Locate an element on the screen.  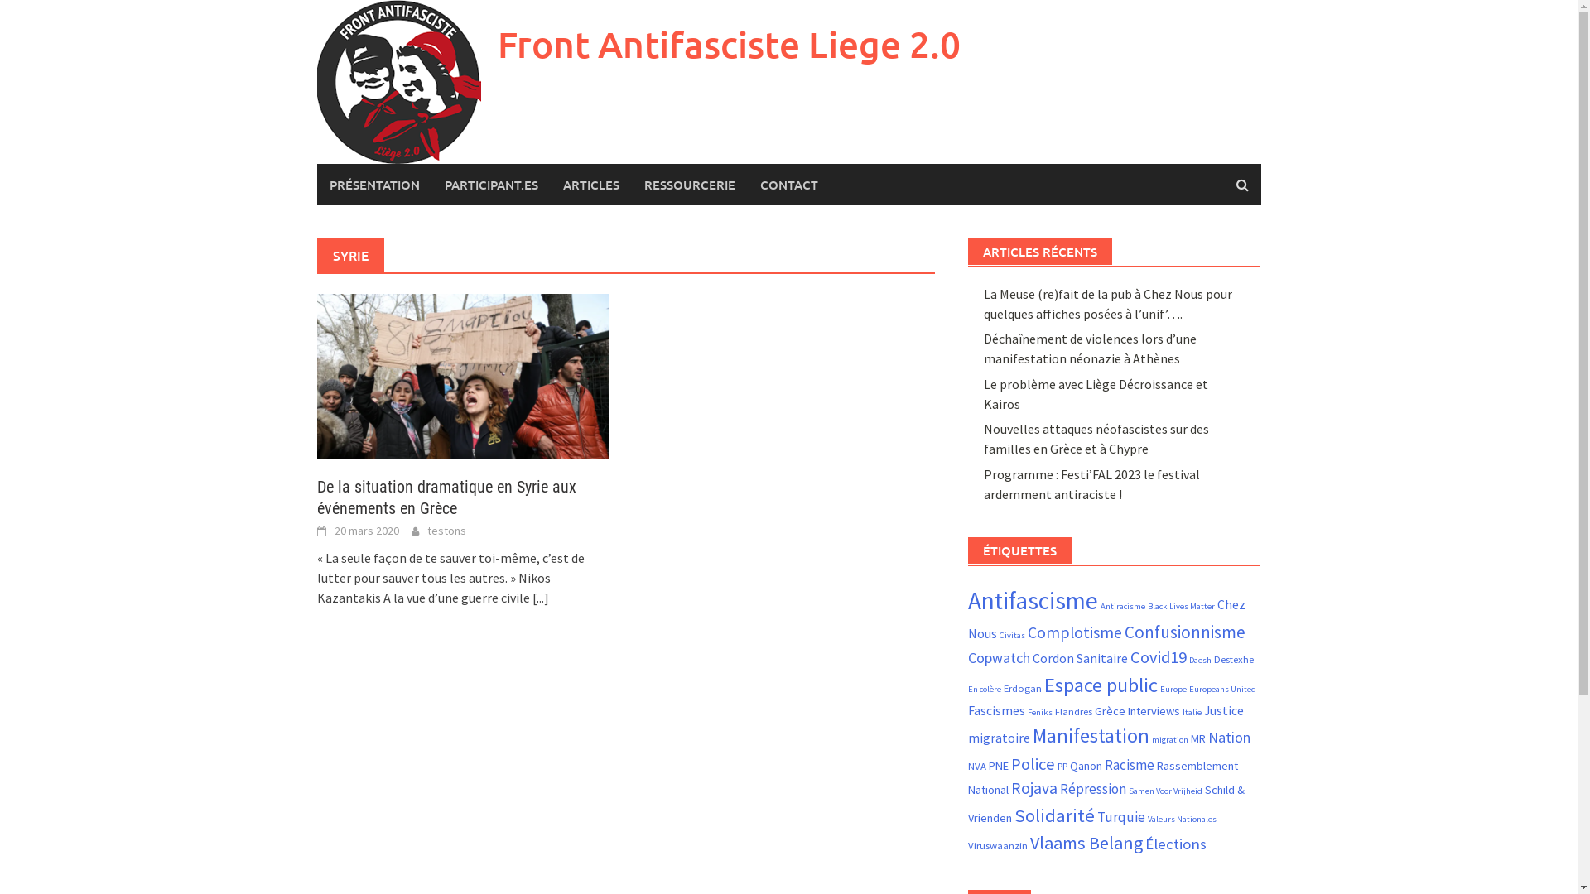
'Rojava' is located at coordinates (1033, 787).